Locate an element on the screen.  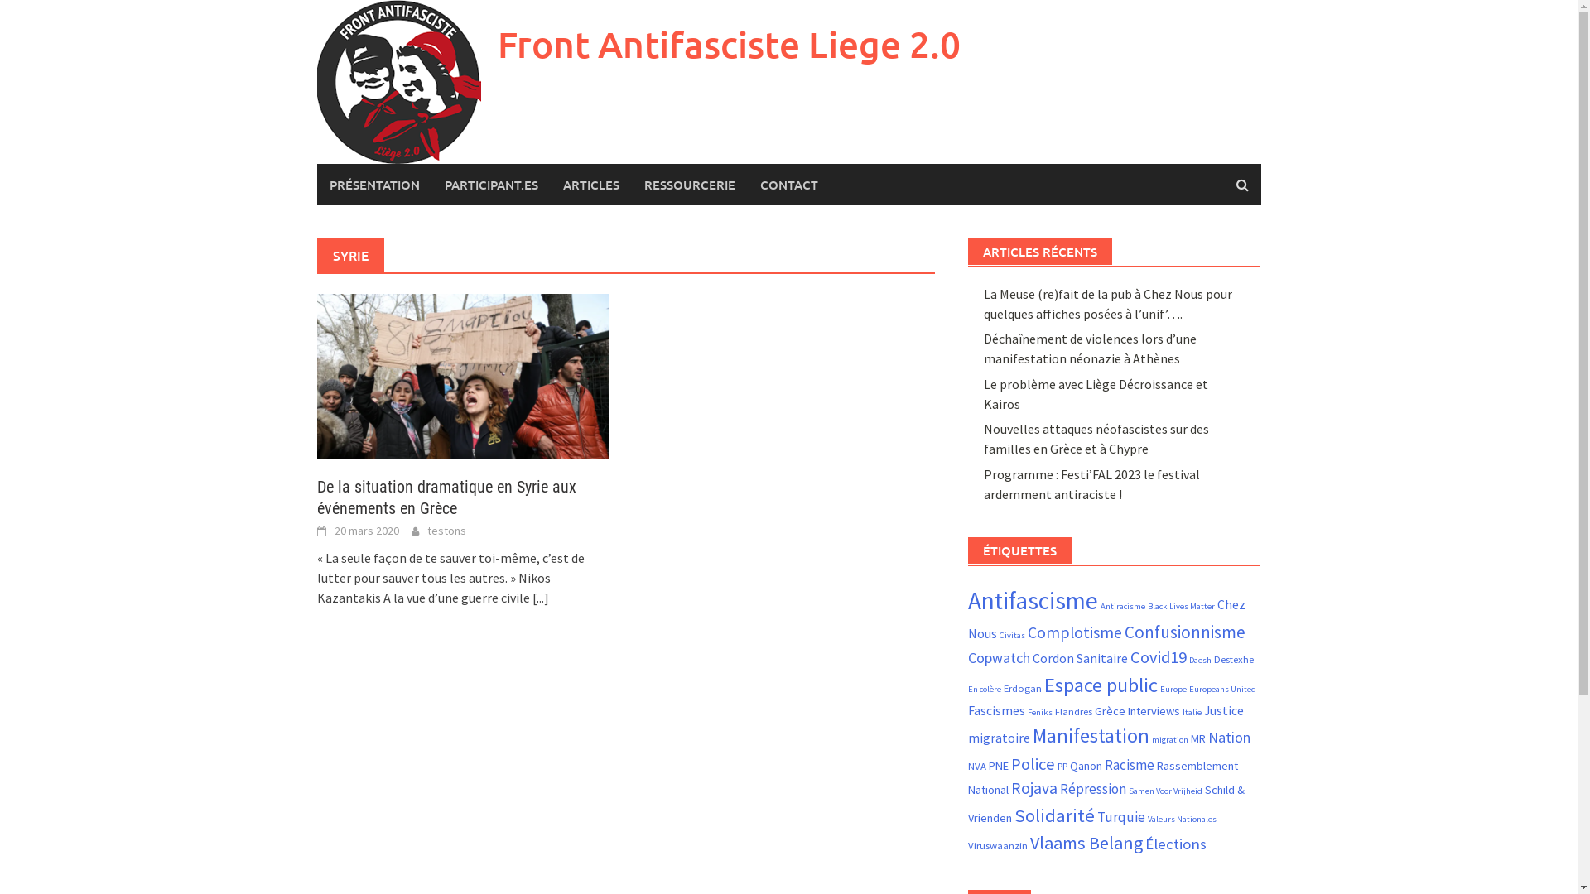
'Rojava' is located at coordinates (1033, 787).